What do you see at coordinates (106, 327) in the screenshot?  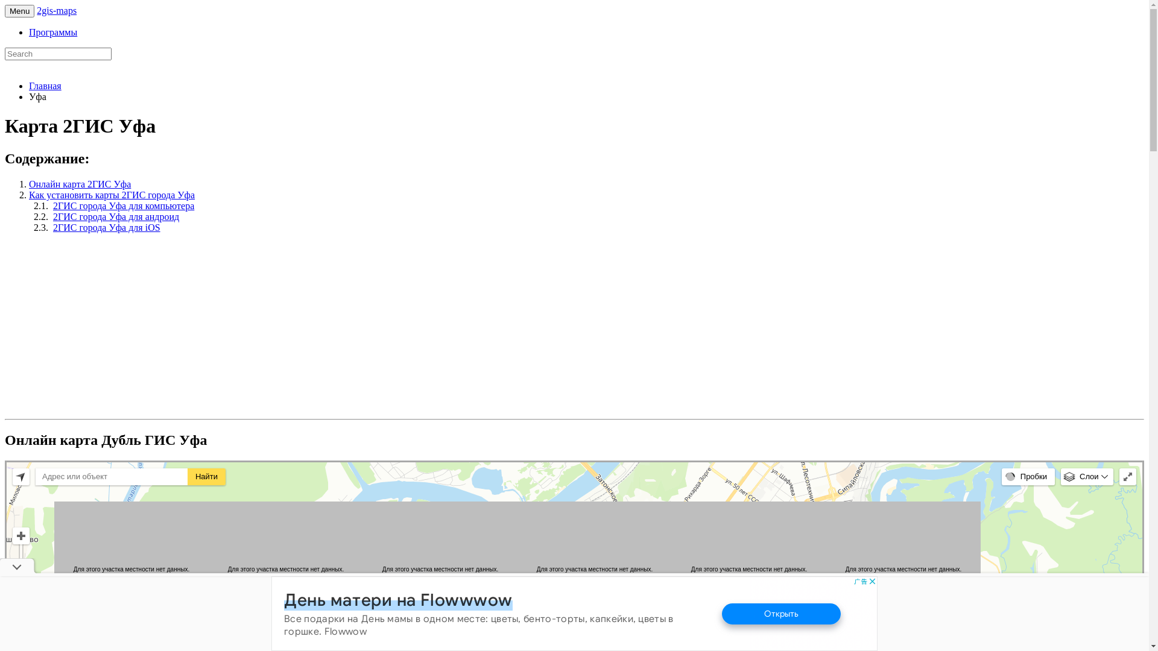 I see `'Advertisement'` at bounding box center [106, 327].